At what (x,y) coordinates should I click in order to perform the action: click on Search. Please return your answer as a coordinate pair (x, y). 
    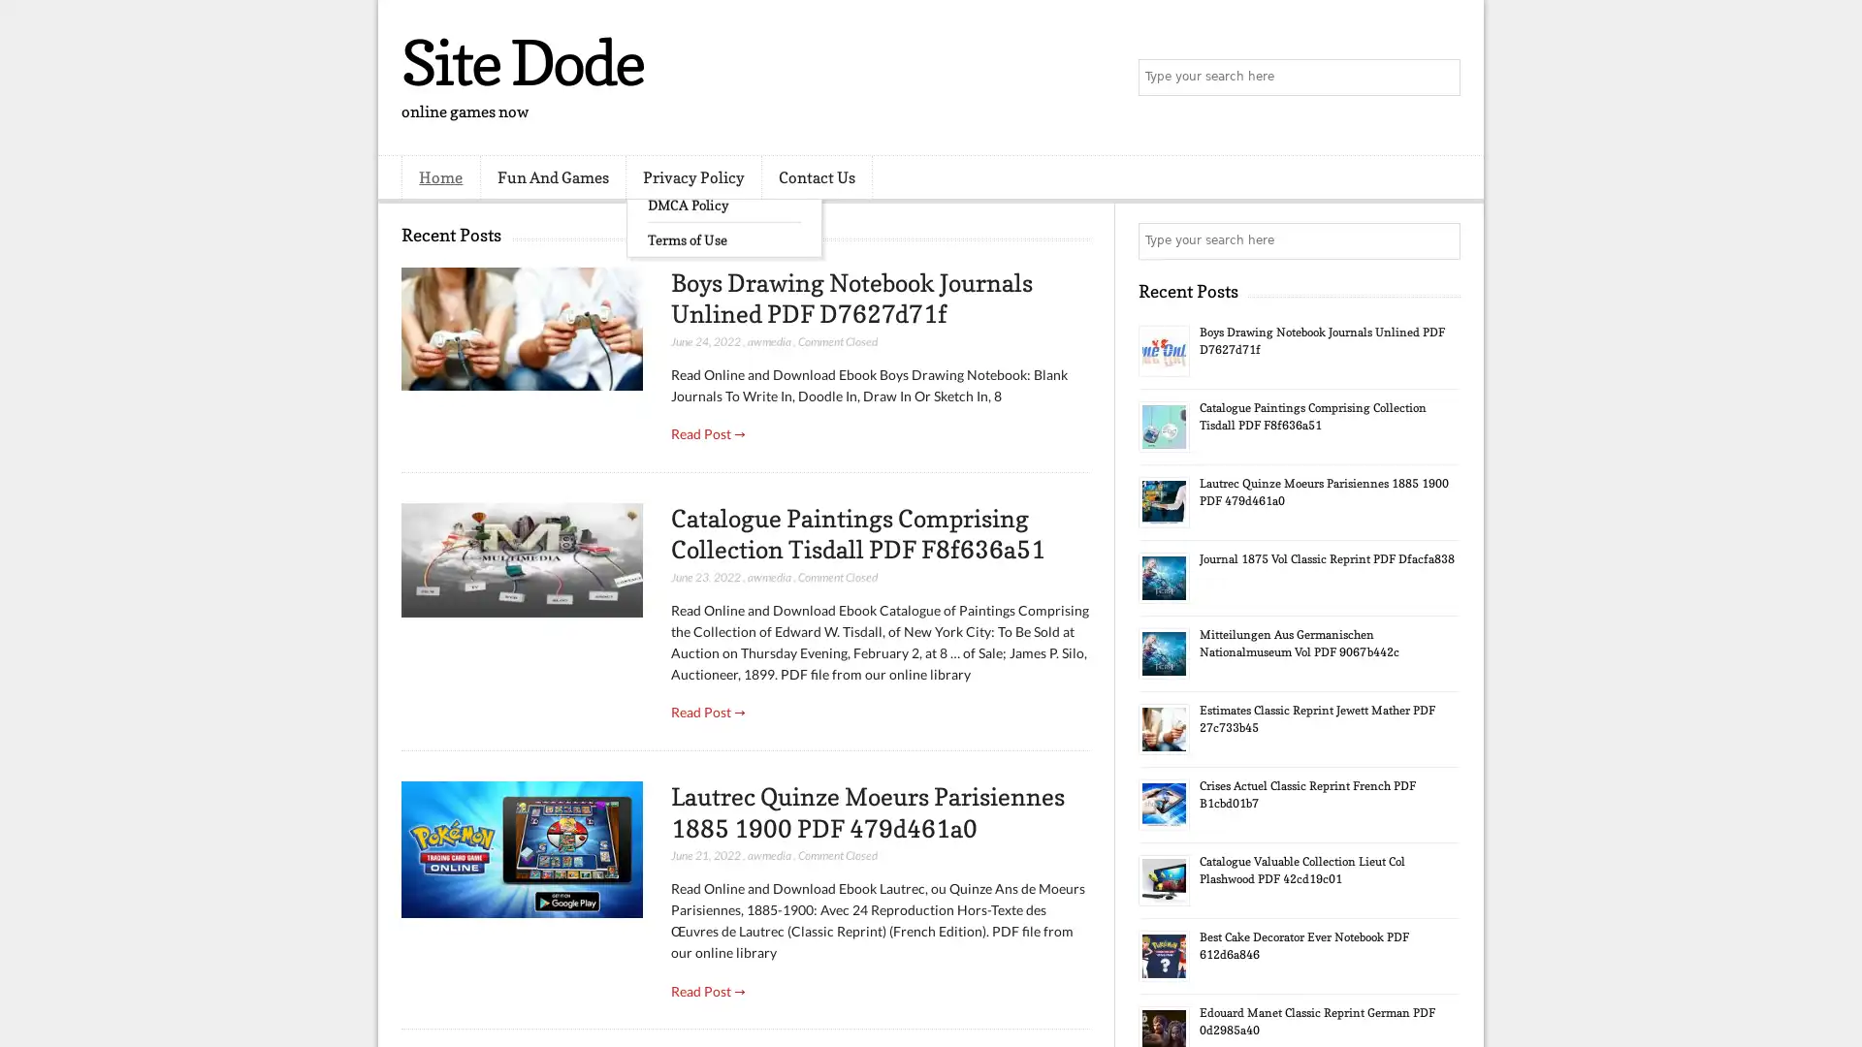
    Looking at the image, I should click on (1440, 240).